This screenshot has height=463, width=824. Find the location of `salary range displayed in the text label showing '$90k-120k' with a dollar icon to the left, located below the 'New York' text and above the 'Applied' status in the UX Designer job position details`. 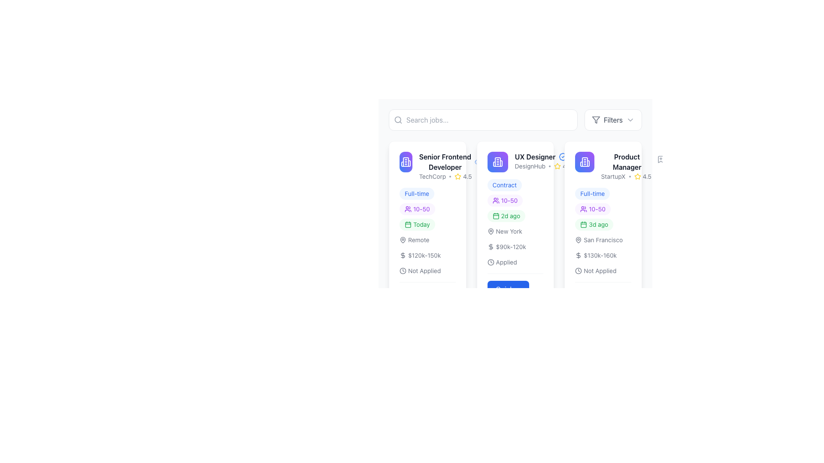

salary range displayed in the text label showing '$90k-120k' with a dollar icon to the left, located below the 'New York' text and above the 'Applied' status in the UX Designer job position details is located at coordinates (506, 247).